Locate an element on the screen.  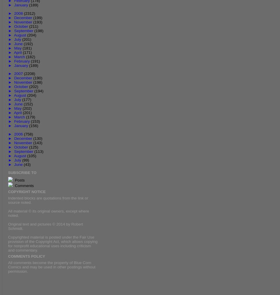
'(130)' is located at coordinates (37, 138).